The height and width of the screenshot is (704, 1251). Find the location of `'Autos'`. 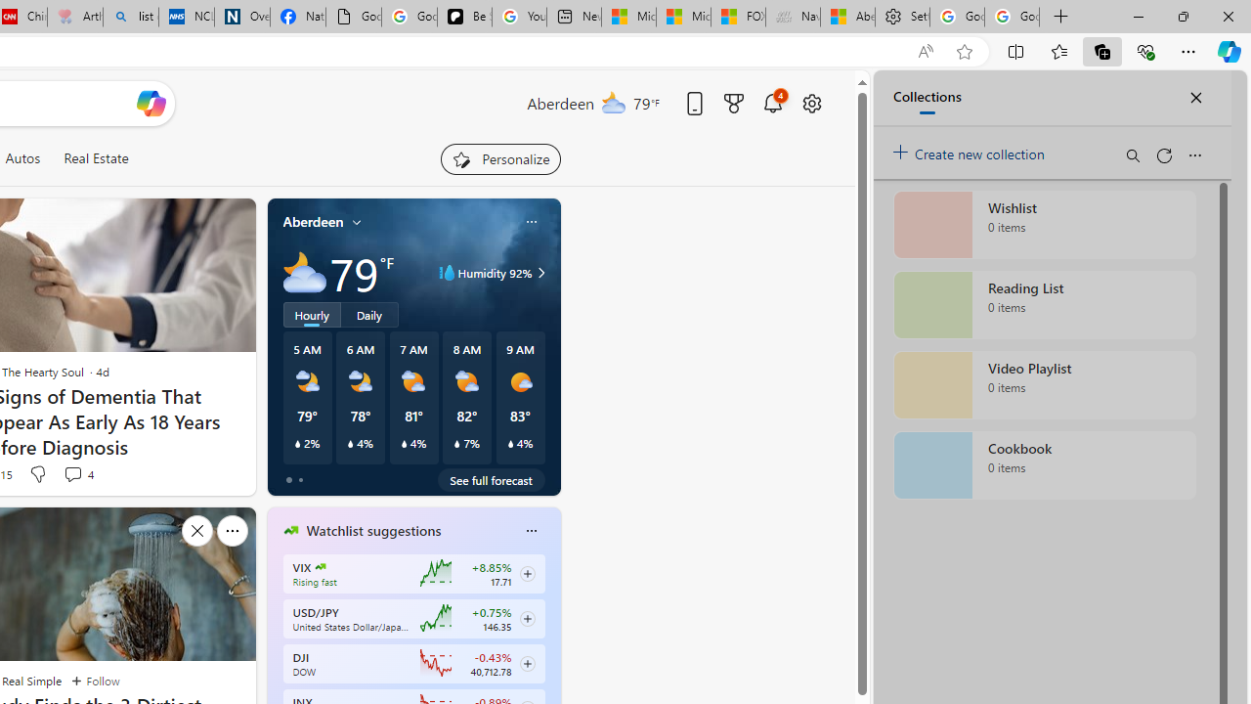

'Autos' is located at coordinates (22, 157).